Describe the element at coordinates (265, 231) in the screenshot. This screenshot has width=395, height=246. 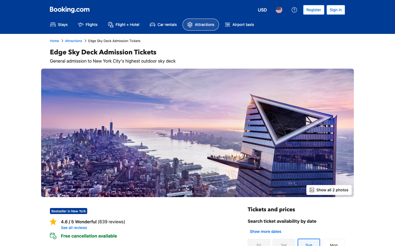
I see `out additional days for ticket availability` at that location.